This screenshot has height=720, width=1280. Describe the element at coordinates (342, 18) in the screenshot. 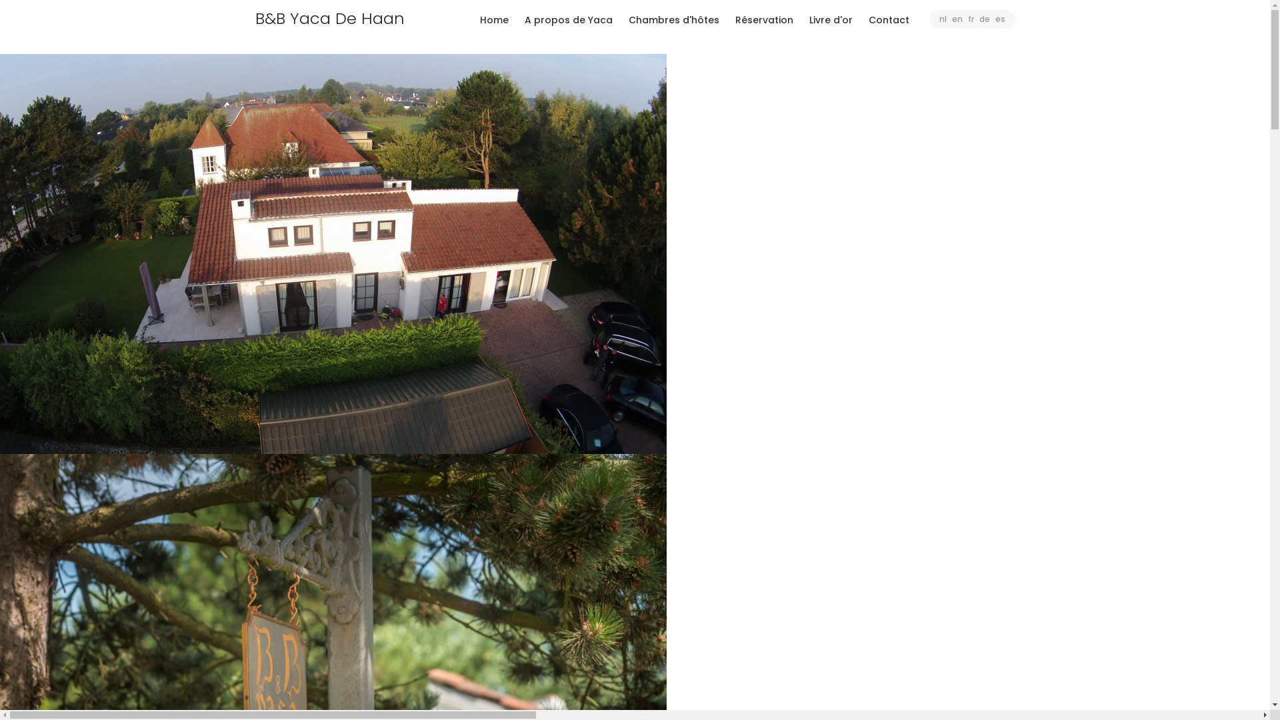

I see `'B&B Yaca De Haan'` at that location.